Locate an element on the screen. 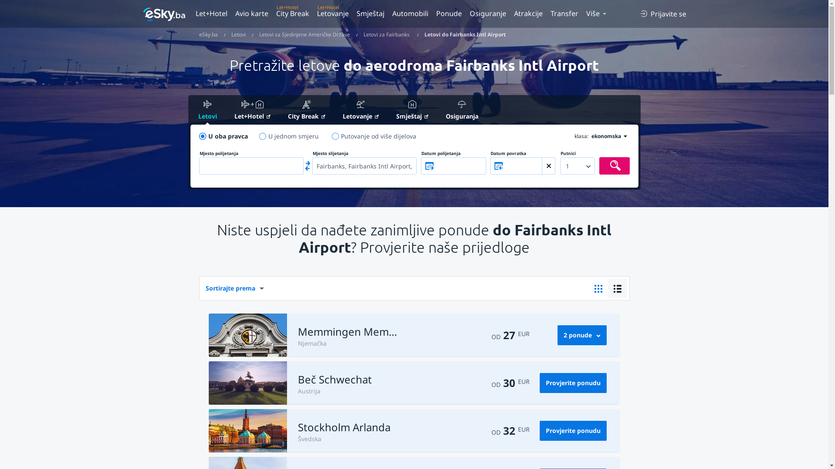 This screenshot has height=469, width=835. 'Automobili' is located at coordinates (409, 13).